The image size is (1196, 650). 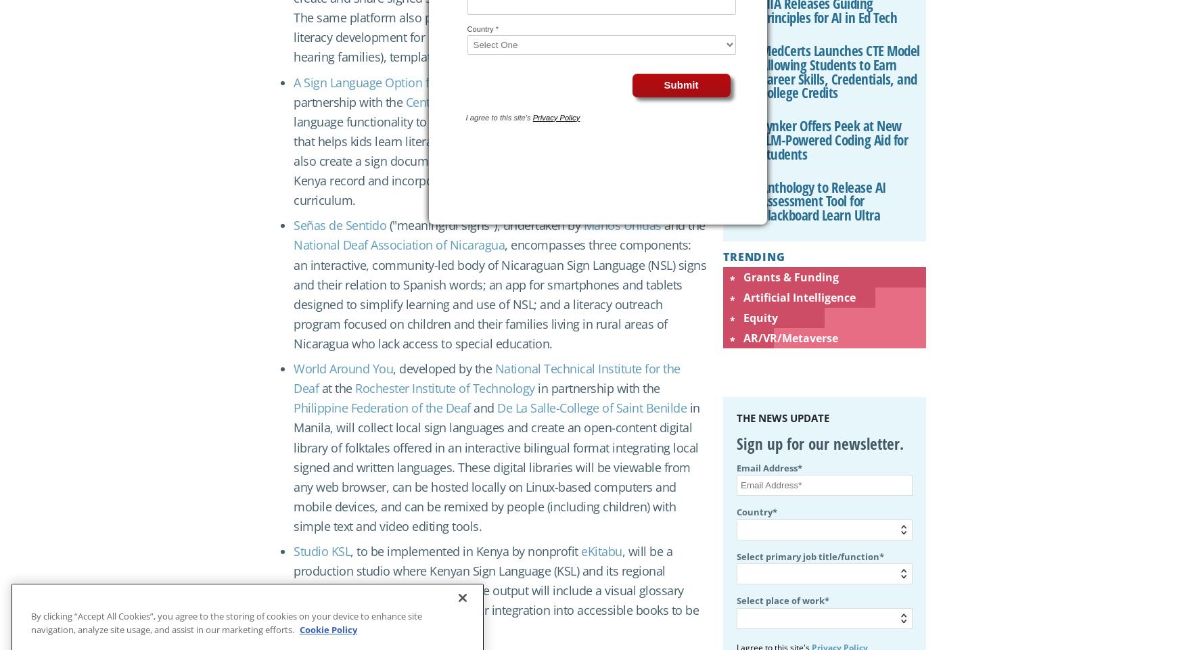 What do you see at coordinates (621, 224) in the screenshot?
I see `'Manos  Unidas'` at bounding box center [621, 224].